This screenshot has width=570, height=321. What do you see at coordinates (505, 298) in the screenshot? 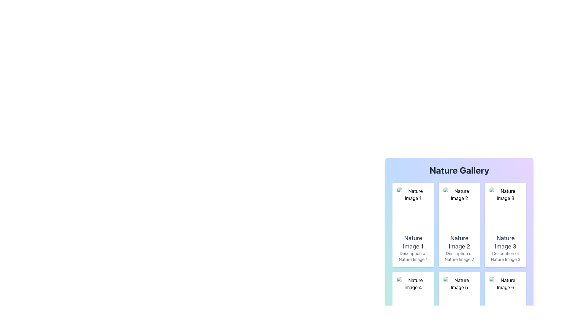
I see `the decorative image in the Nature Gallery section` at bounding box center [505, 298].